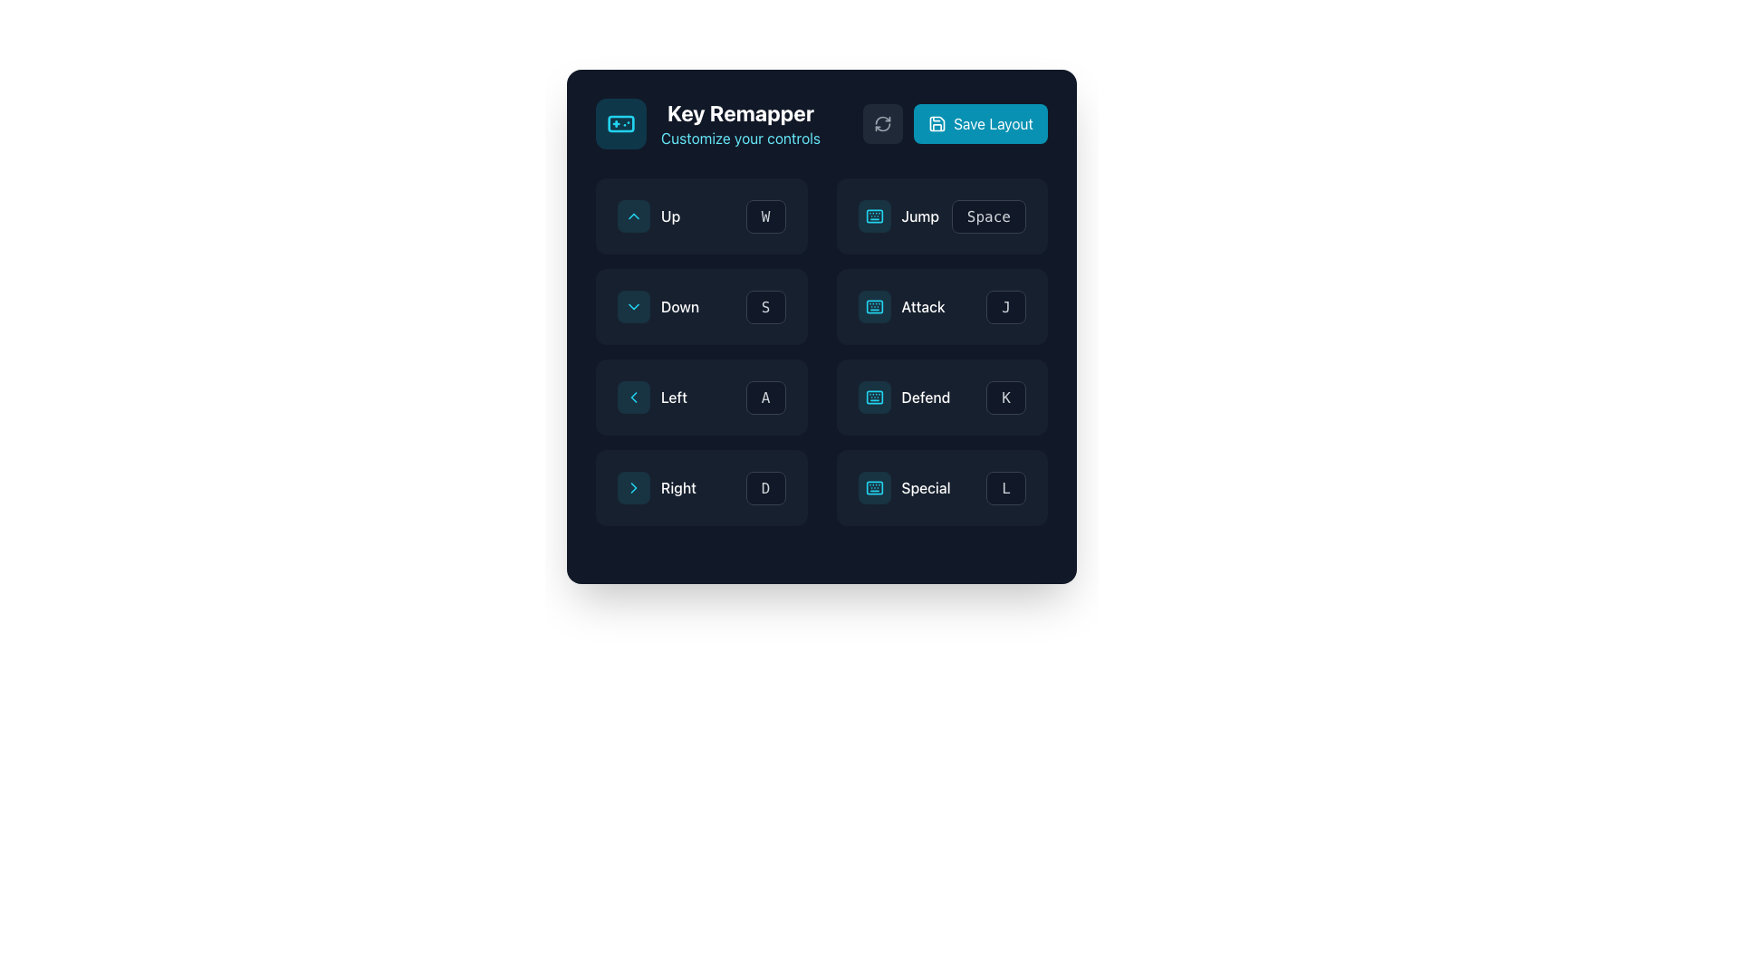  What do you see at coordinates (669, 216) in the screenshot?
I see `the 'Up' label in the key remapping configuration interface, which is located to the right of the upward arrow icon` at bounding box center [669, 216].